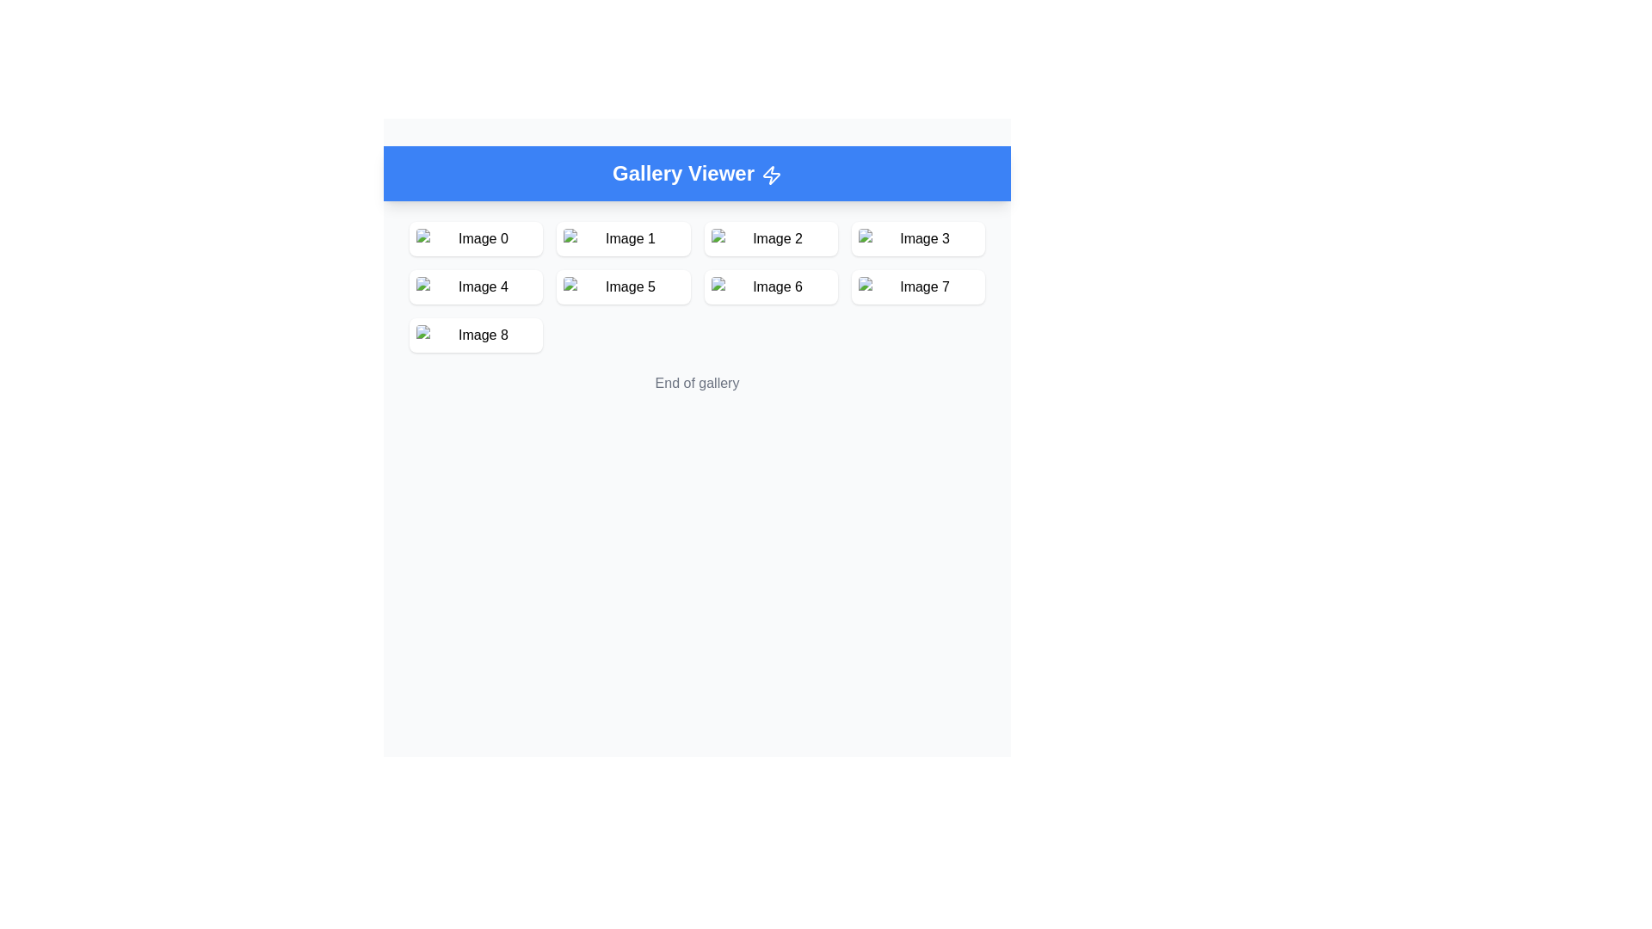 Image resolution: width=1652 pixels, height=929 pixels. I want to click on the Image card representing 'Image 4' in the Gallery Viewer, so click(476, 286).